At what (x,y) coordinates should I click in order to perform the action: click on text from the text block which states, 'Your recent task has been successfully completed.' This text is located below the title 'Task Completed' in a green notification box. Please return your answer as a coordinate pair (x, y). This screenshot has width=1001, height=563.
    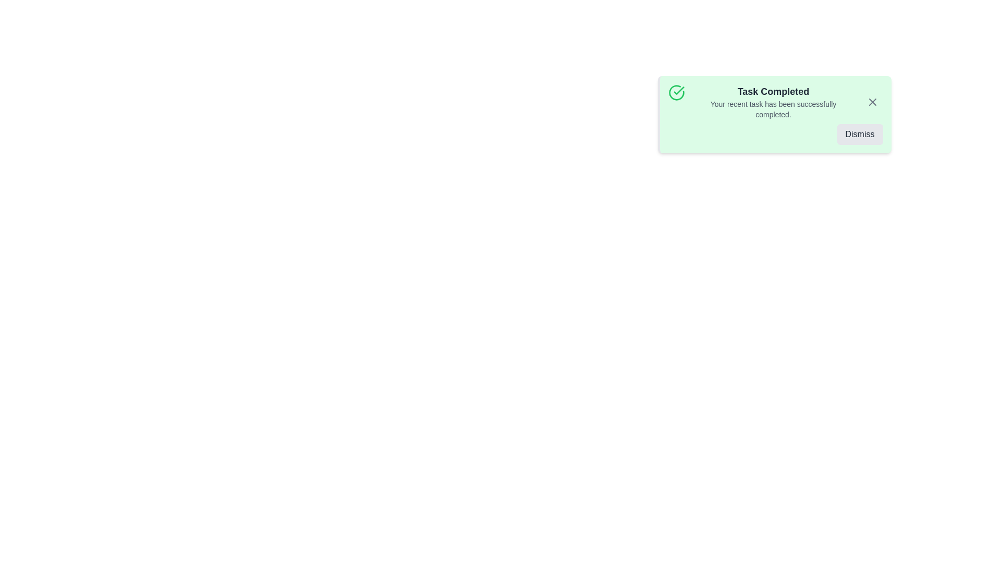
    Looking at the image, I should click on (773, 109).